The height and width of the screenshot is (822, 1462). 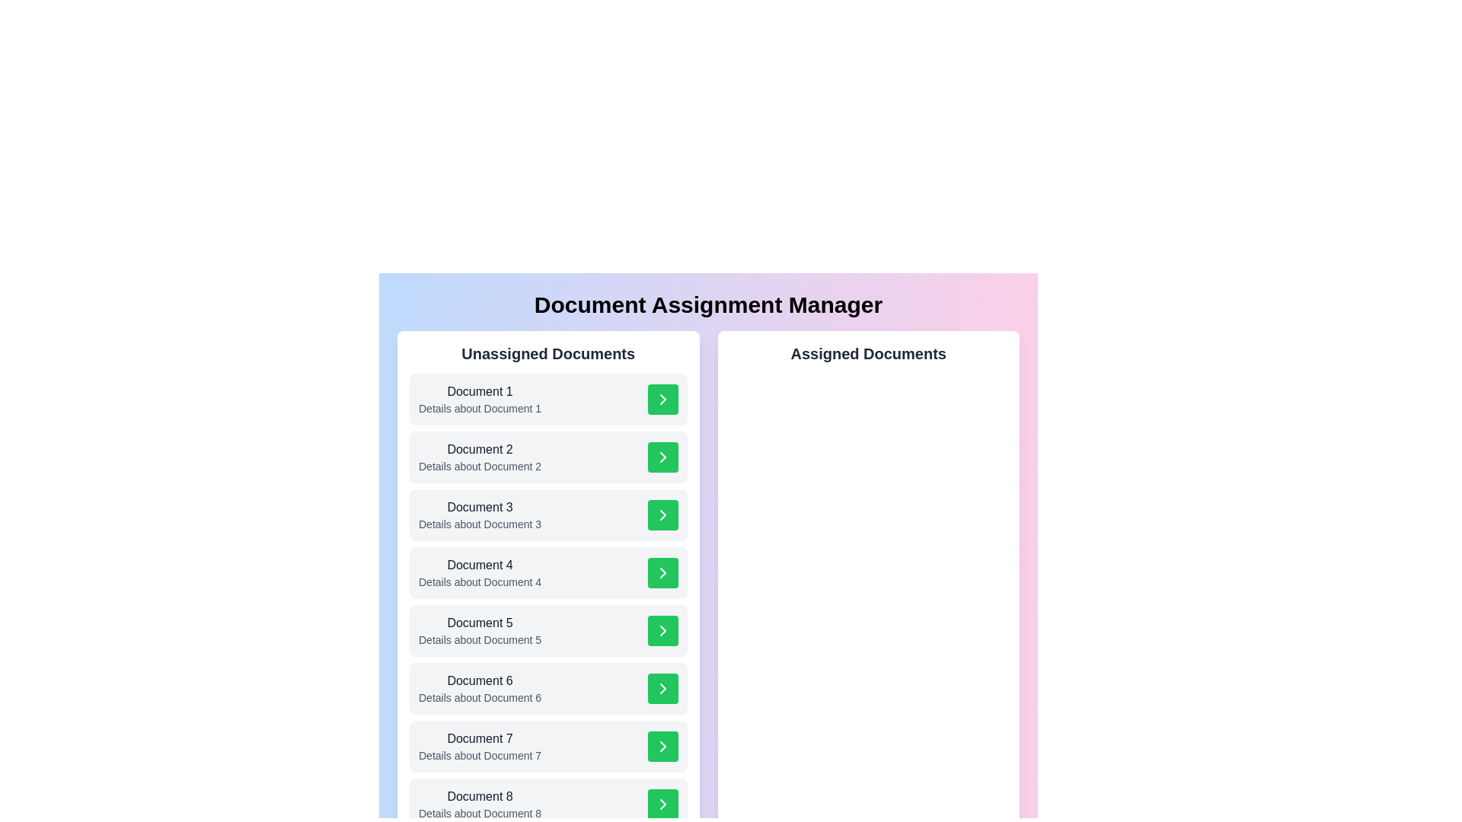 I want to click on the green rectangular button with a white right-pointing arrow located at the far right of the row labeled 'Document 2Details about Document 2' under 'Unassigned Documents', so click(x=662, y=457).